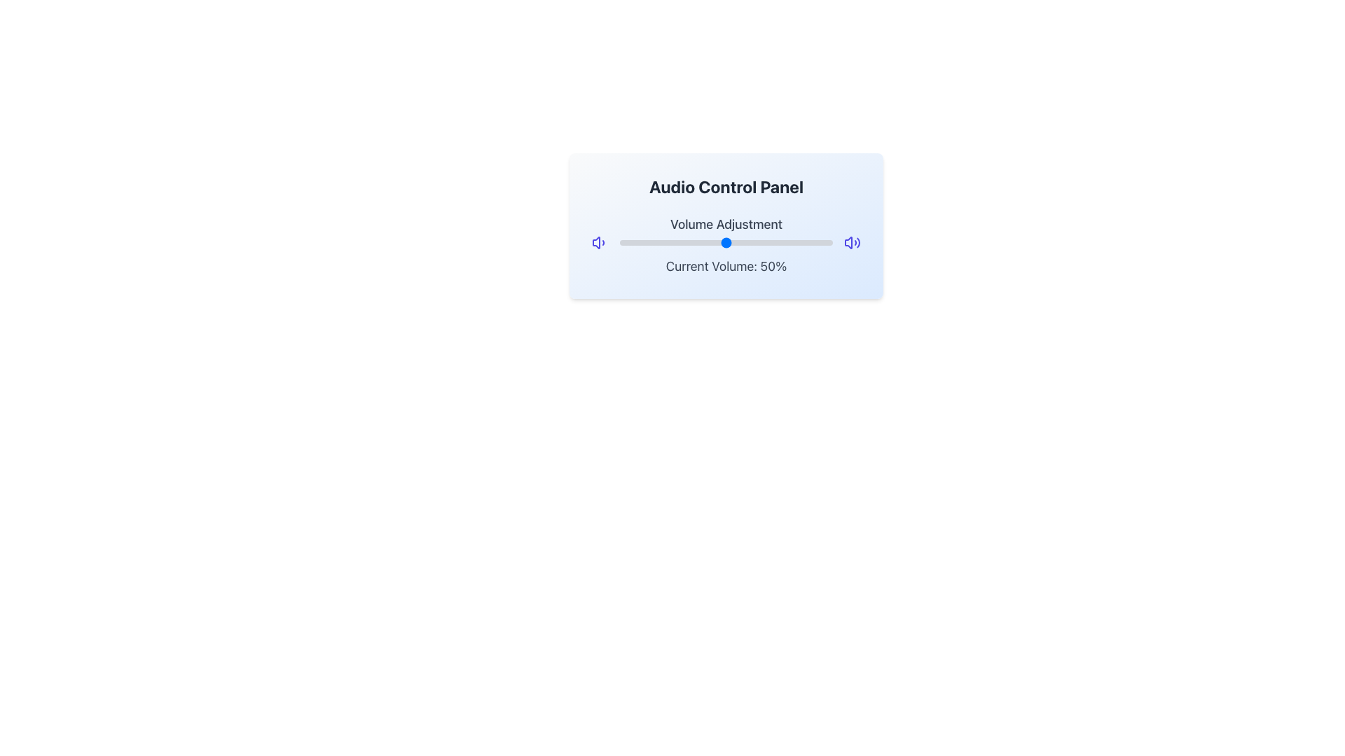  What do you see at coordinates (638, 242) in the screenshot?
I see `the slider` at bounding box center [638, 242].